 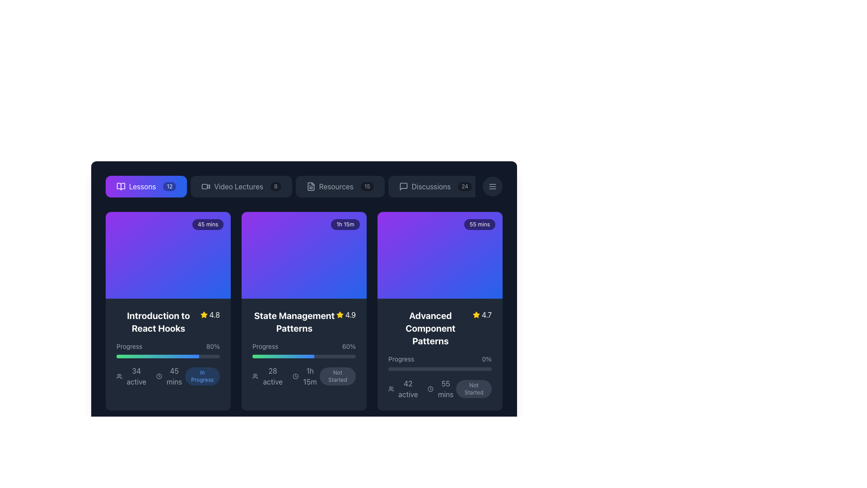 I want to click on the Status indicator tag located at the bottom-right corner of the middle card in the series, which indicates that the associated task has not been started, so click(x=337, y=376).